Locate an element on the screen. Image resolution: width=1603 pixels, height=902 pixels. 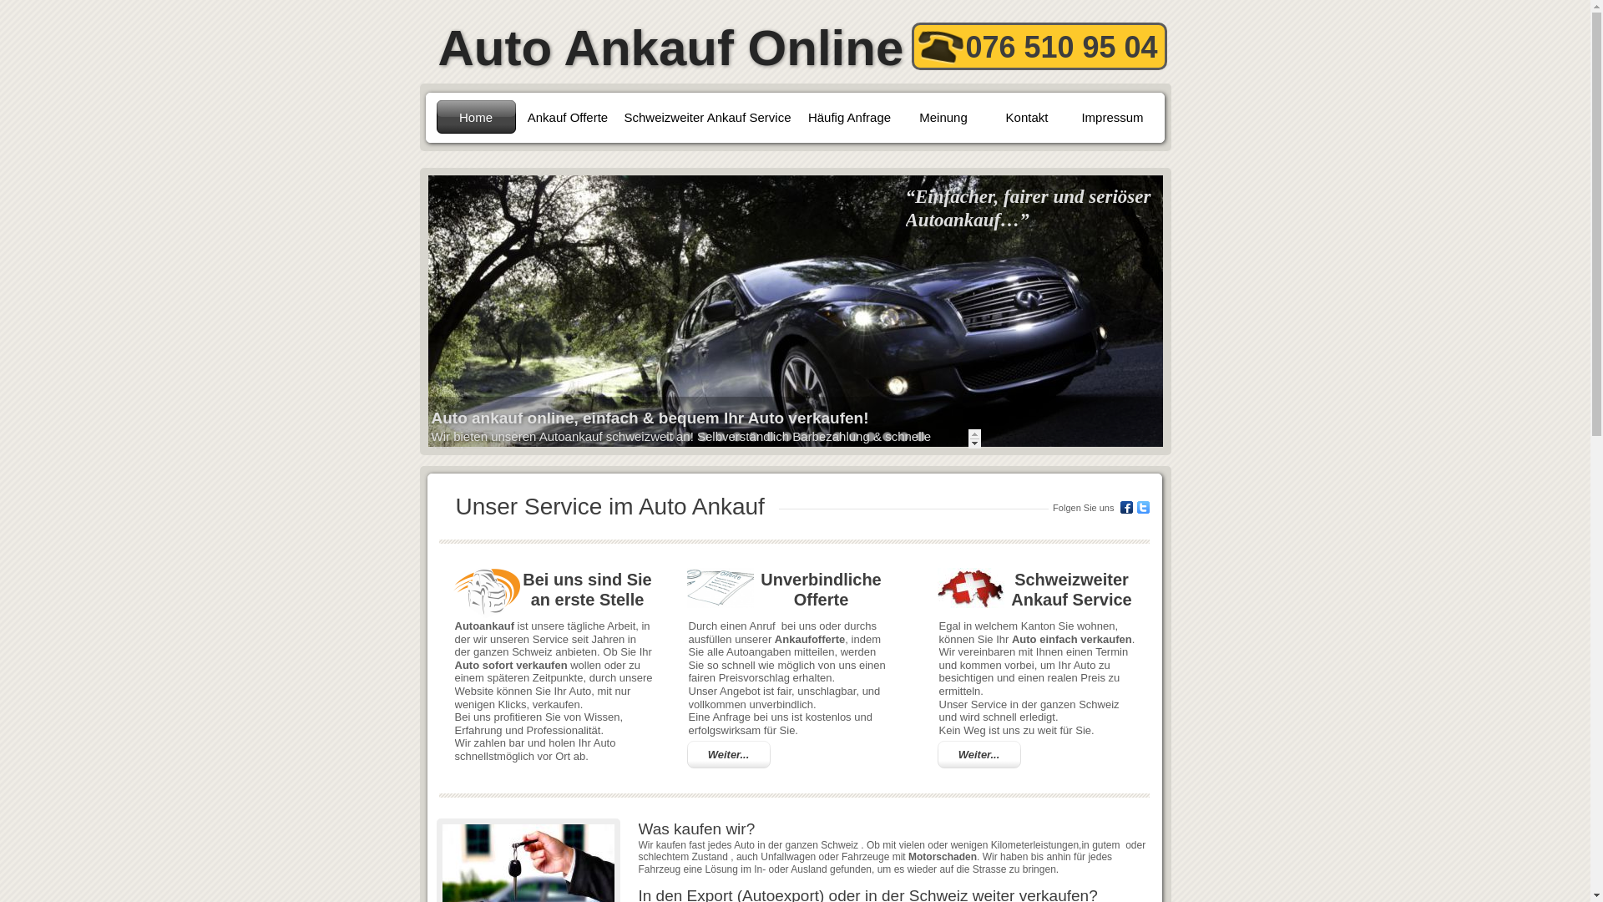
'Kontakt' is located at coordinates (1026, 116).